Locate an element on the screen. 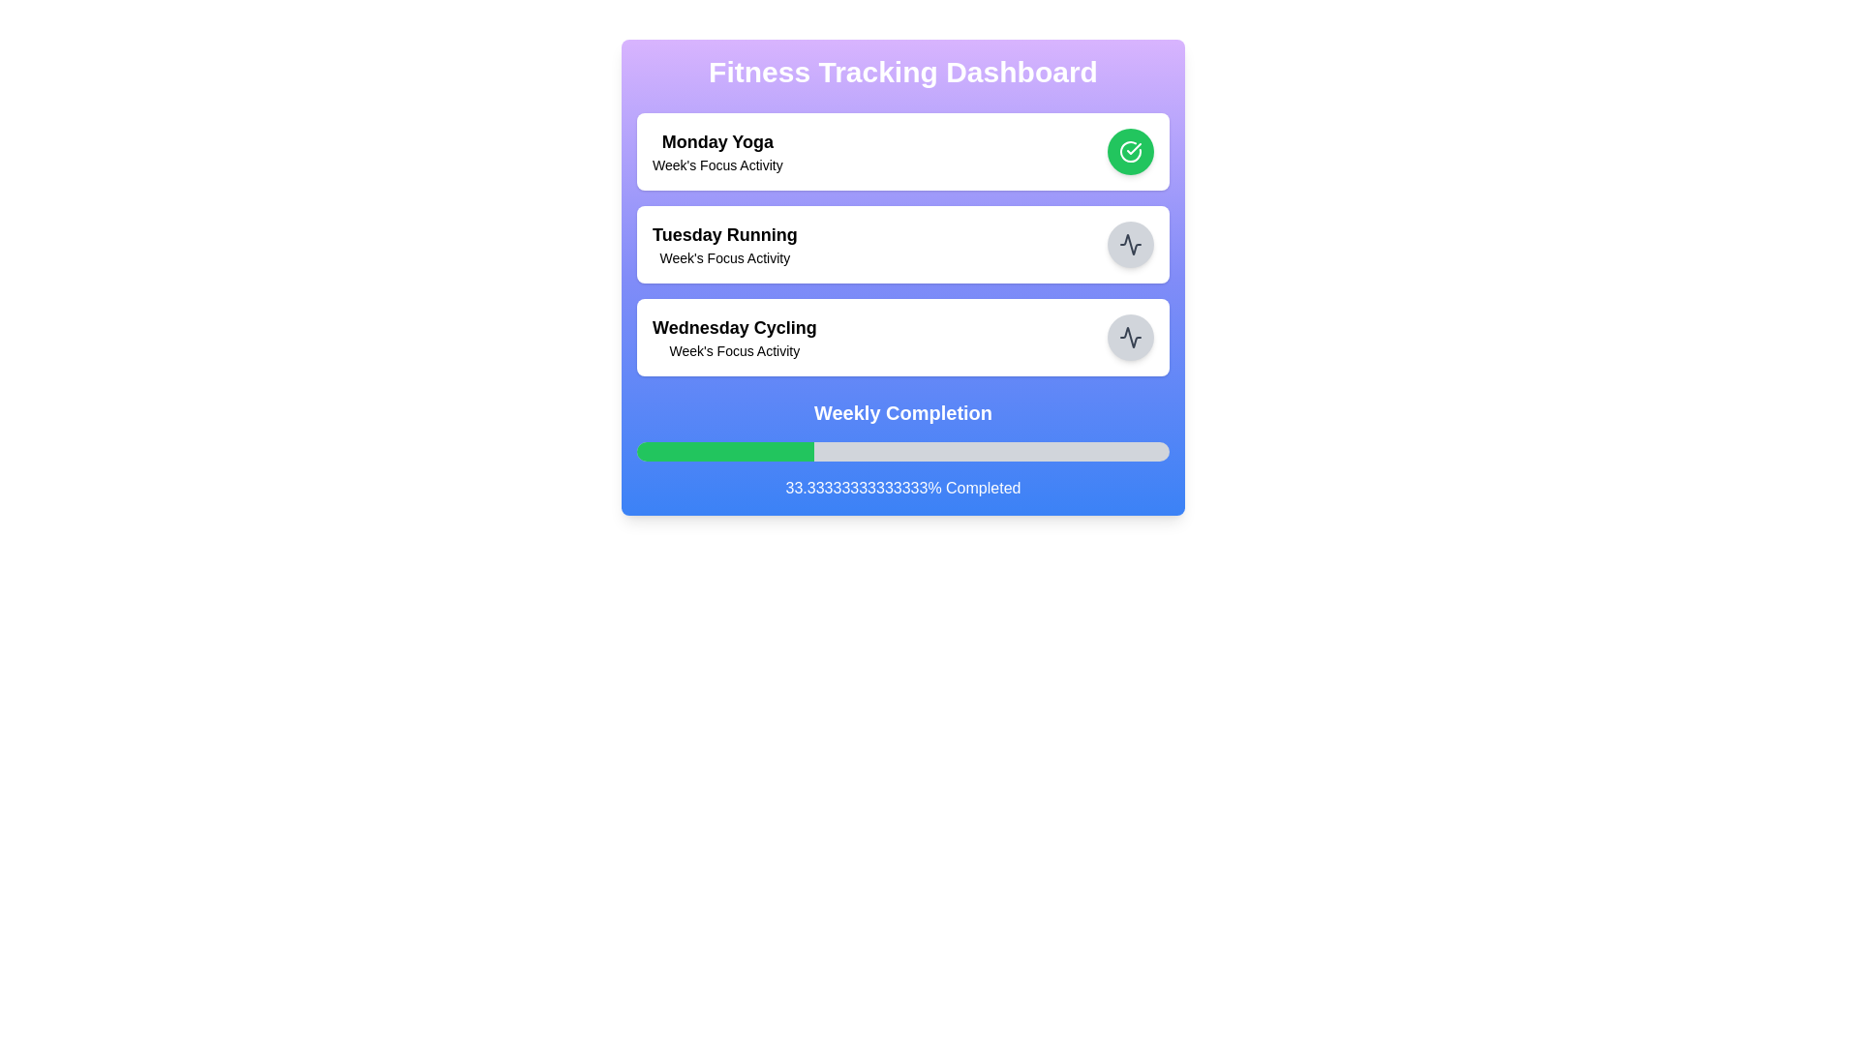  the Text display element that shows 'Wednesday Cycling' and 'Week's Focus Activity', which is located in the third activity card on the dashboard is located at coordinates (733, 336).